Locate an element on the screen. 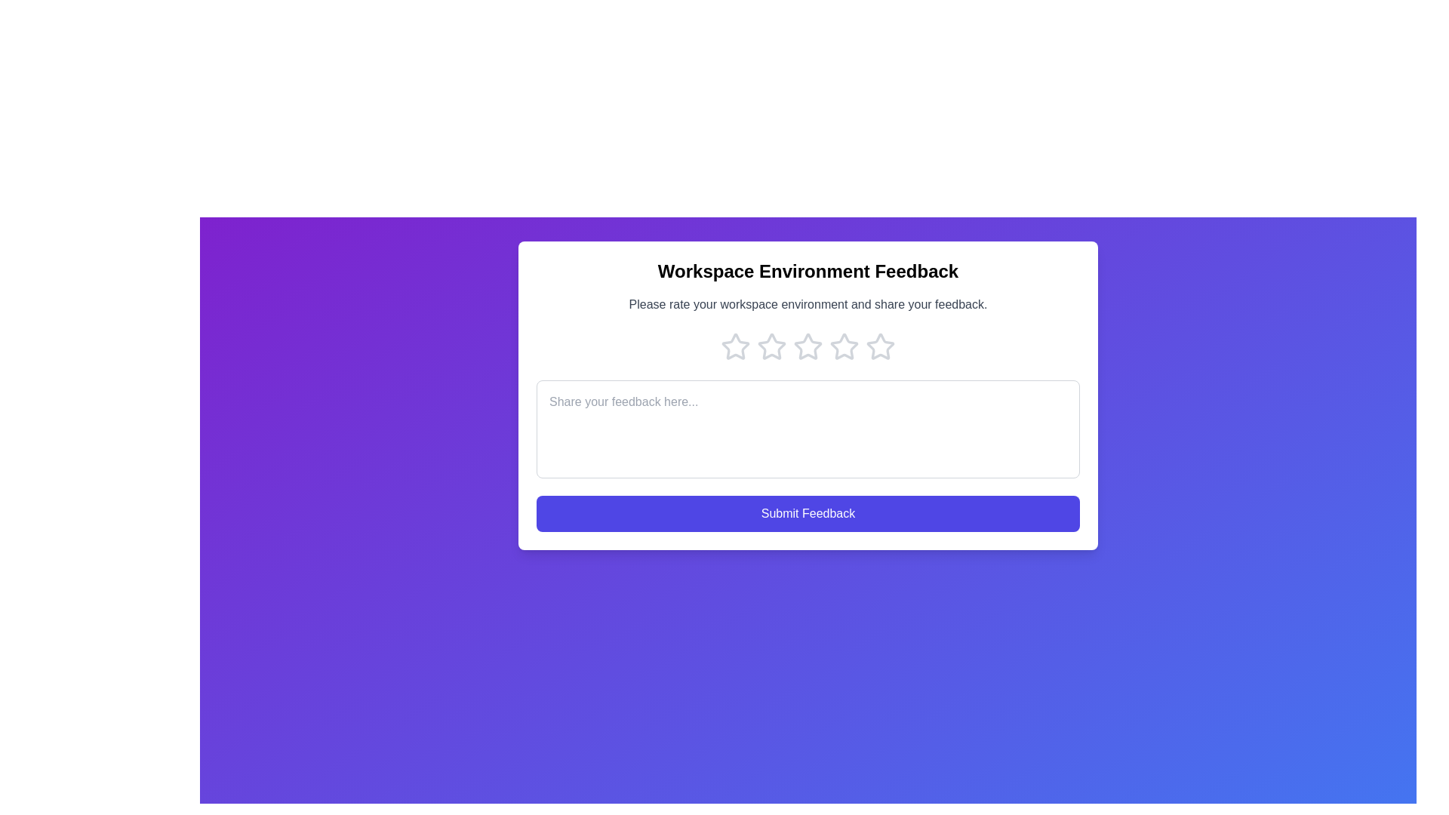  the submit button to send the feedback is located at coordinates (807, 513).